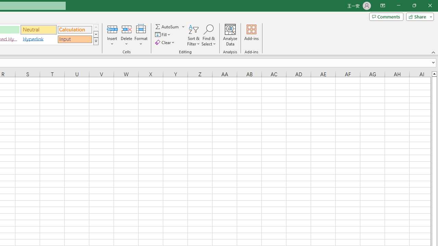 The width and height of the screenshot is (438, 246). Describe the element at coordinates (75, 39) in the screenshot. I see `'Input'` at that location.